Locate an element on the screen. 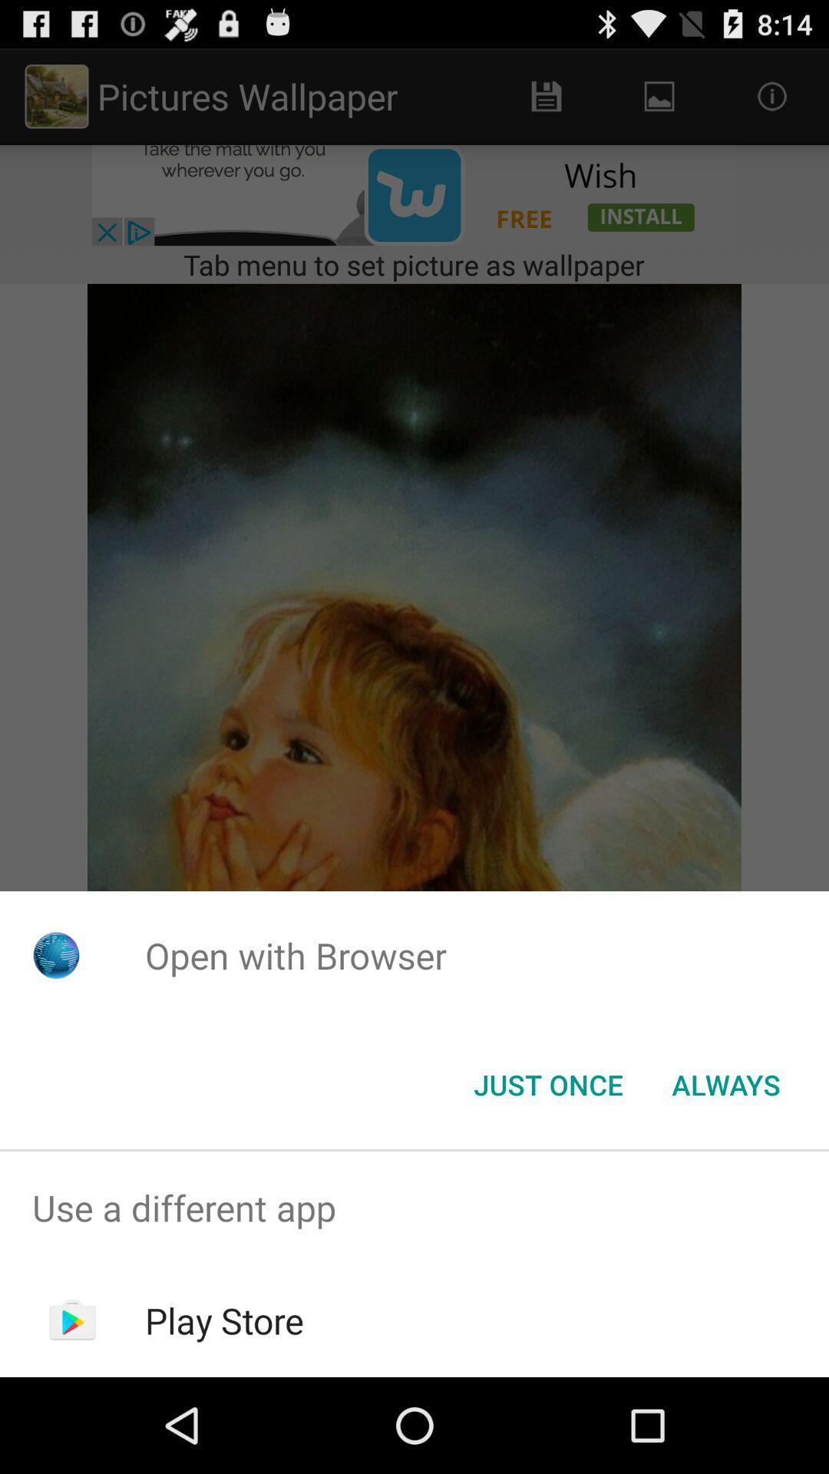  the button at the bottom right corner is located at coordinates (725, 1083).